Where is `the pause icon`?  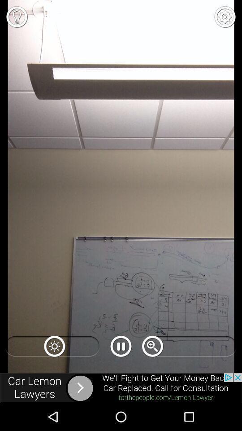
the pause icon is located at coordinates (121, 346).